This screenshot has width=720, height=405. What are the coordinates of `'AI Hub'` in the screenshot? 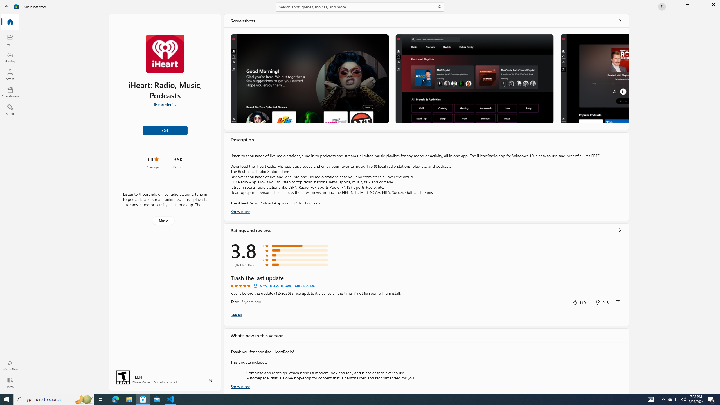 It's located at (10, 109).